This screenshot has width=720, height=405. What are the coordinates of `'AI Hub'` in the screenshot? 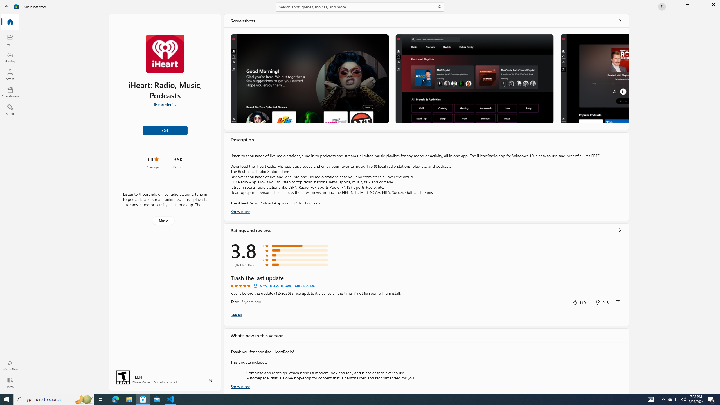 It's located at (10, 109).